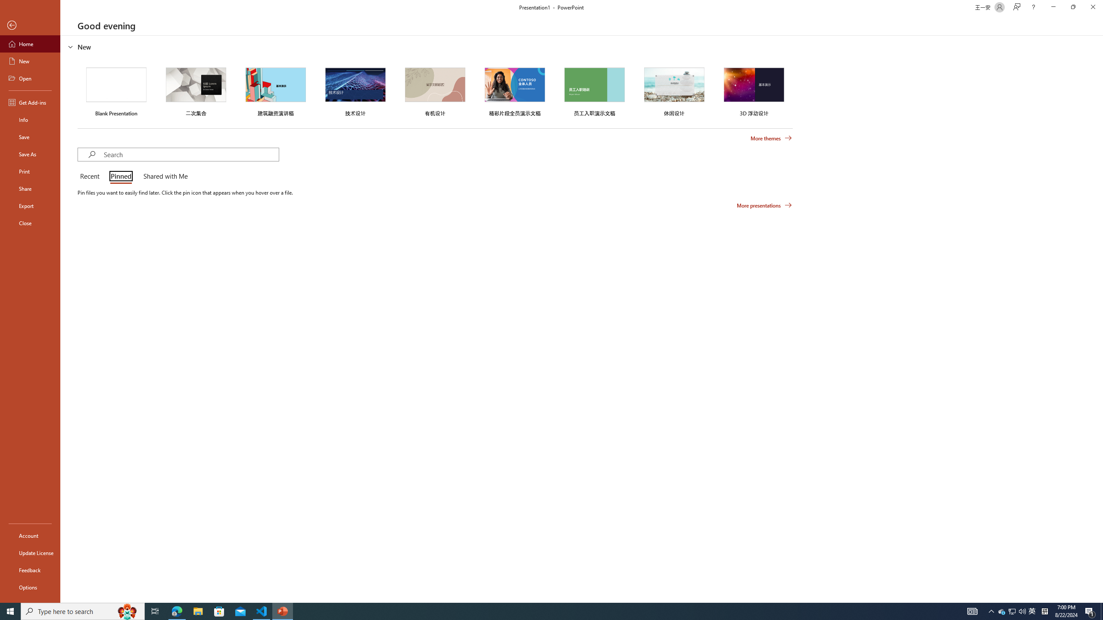 The width and height of the screenshot is (1103, 620). I want to click on 'Pinned', so click(121, 177).